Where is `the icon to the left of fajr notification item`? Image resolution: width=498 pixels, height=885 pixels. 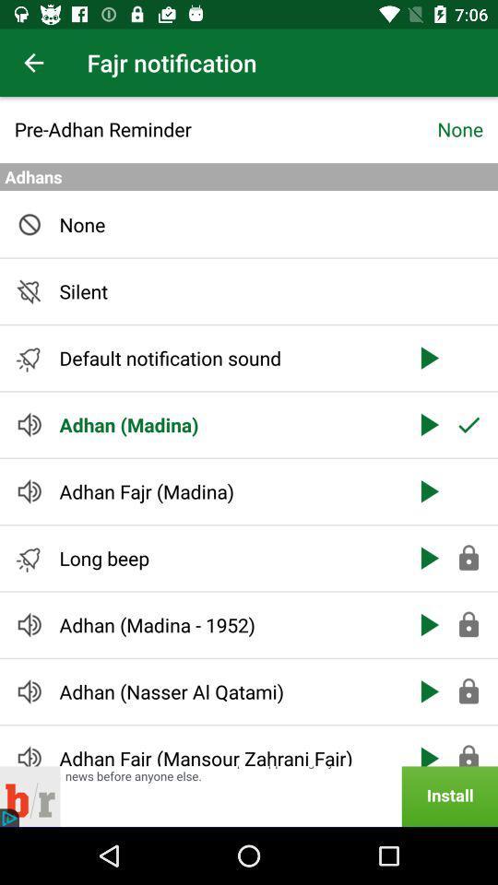 the icon to the left of fajr notification item is located at coordinates (33, 63).